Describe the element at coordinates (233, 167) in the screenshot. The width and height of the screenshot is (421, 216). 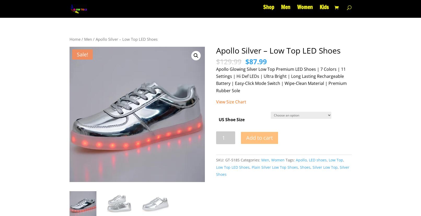
I see `'Low Top LED Shoes'` at that location.